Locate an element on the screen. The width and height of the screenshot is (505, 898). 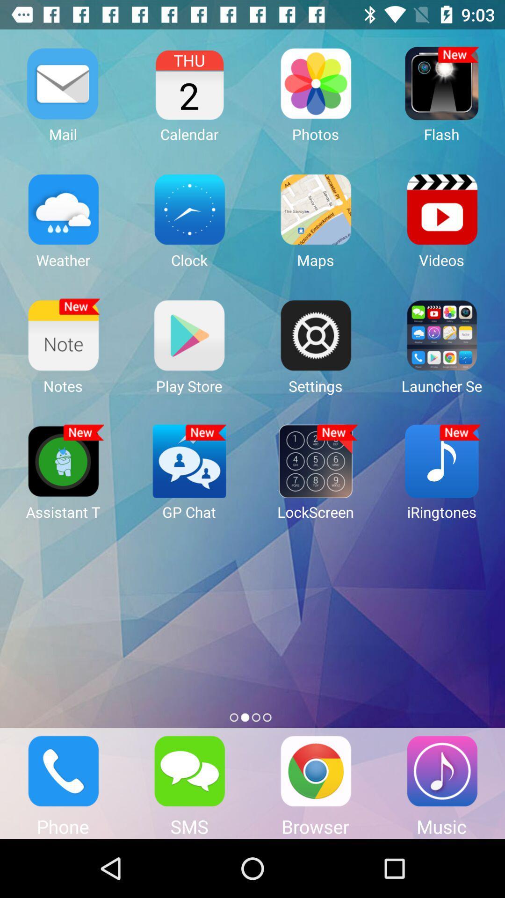
the photo icon is located at coordinates (316, 771).